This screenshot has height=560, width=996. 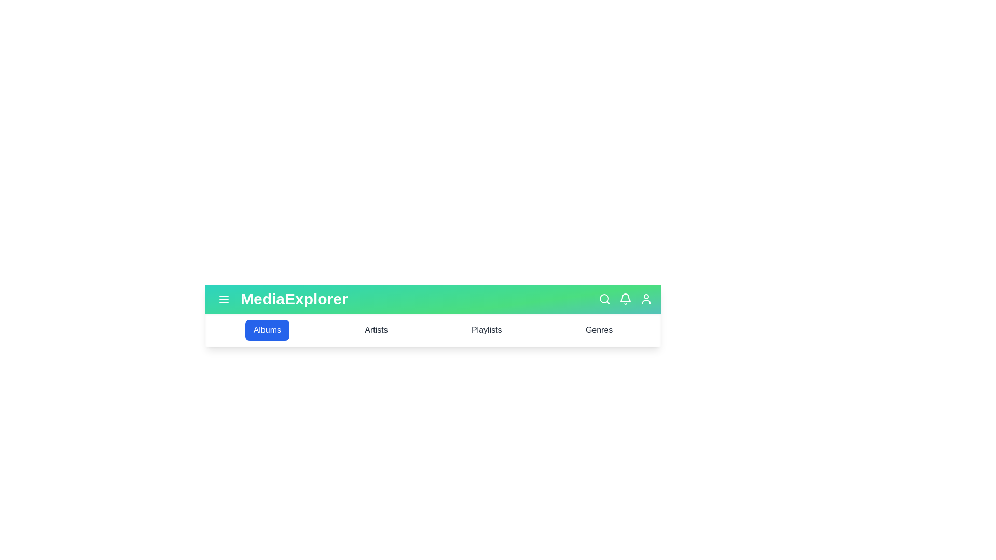 What do you see at coordinates (375, 330) in the screenshot?
I see `the Artists tab in the MultimediaAppBar` at bounding box center [375, 330].